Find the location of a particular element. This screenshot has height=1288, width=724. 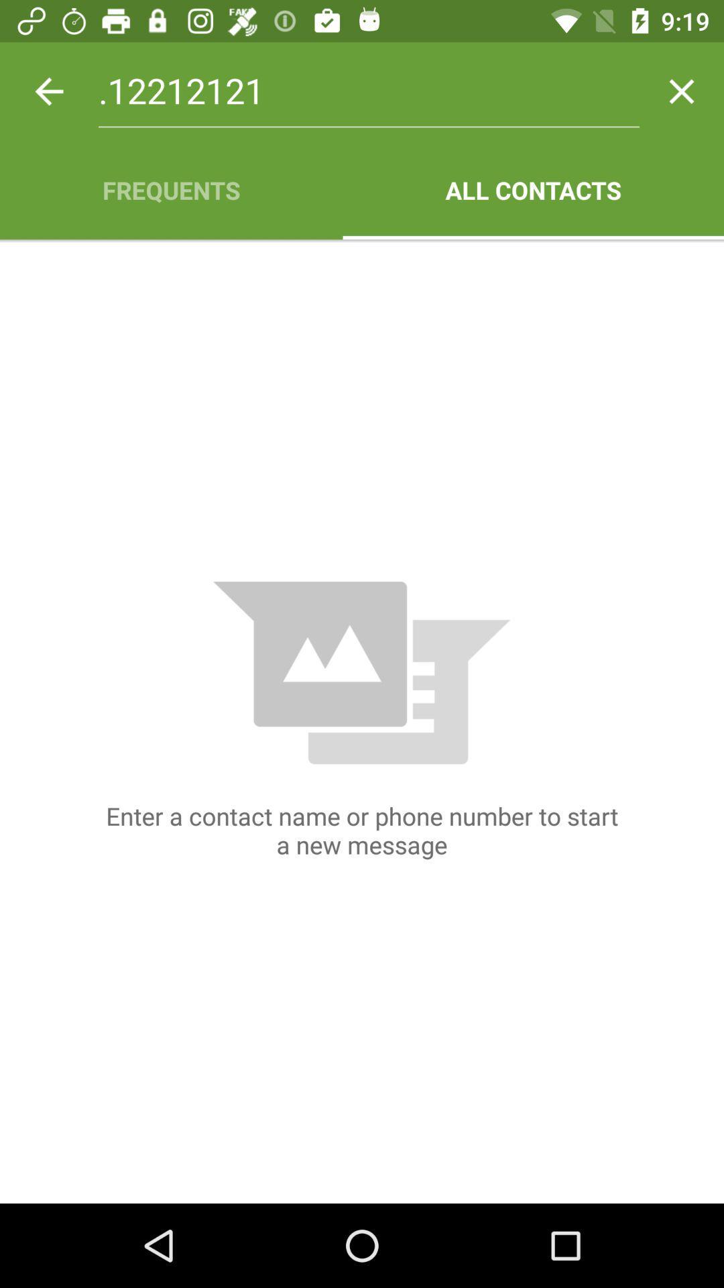

icon next to .12212121 is located at coordinates (48, 91).